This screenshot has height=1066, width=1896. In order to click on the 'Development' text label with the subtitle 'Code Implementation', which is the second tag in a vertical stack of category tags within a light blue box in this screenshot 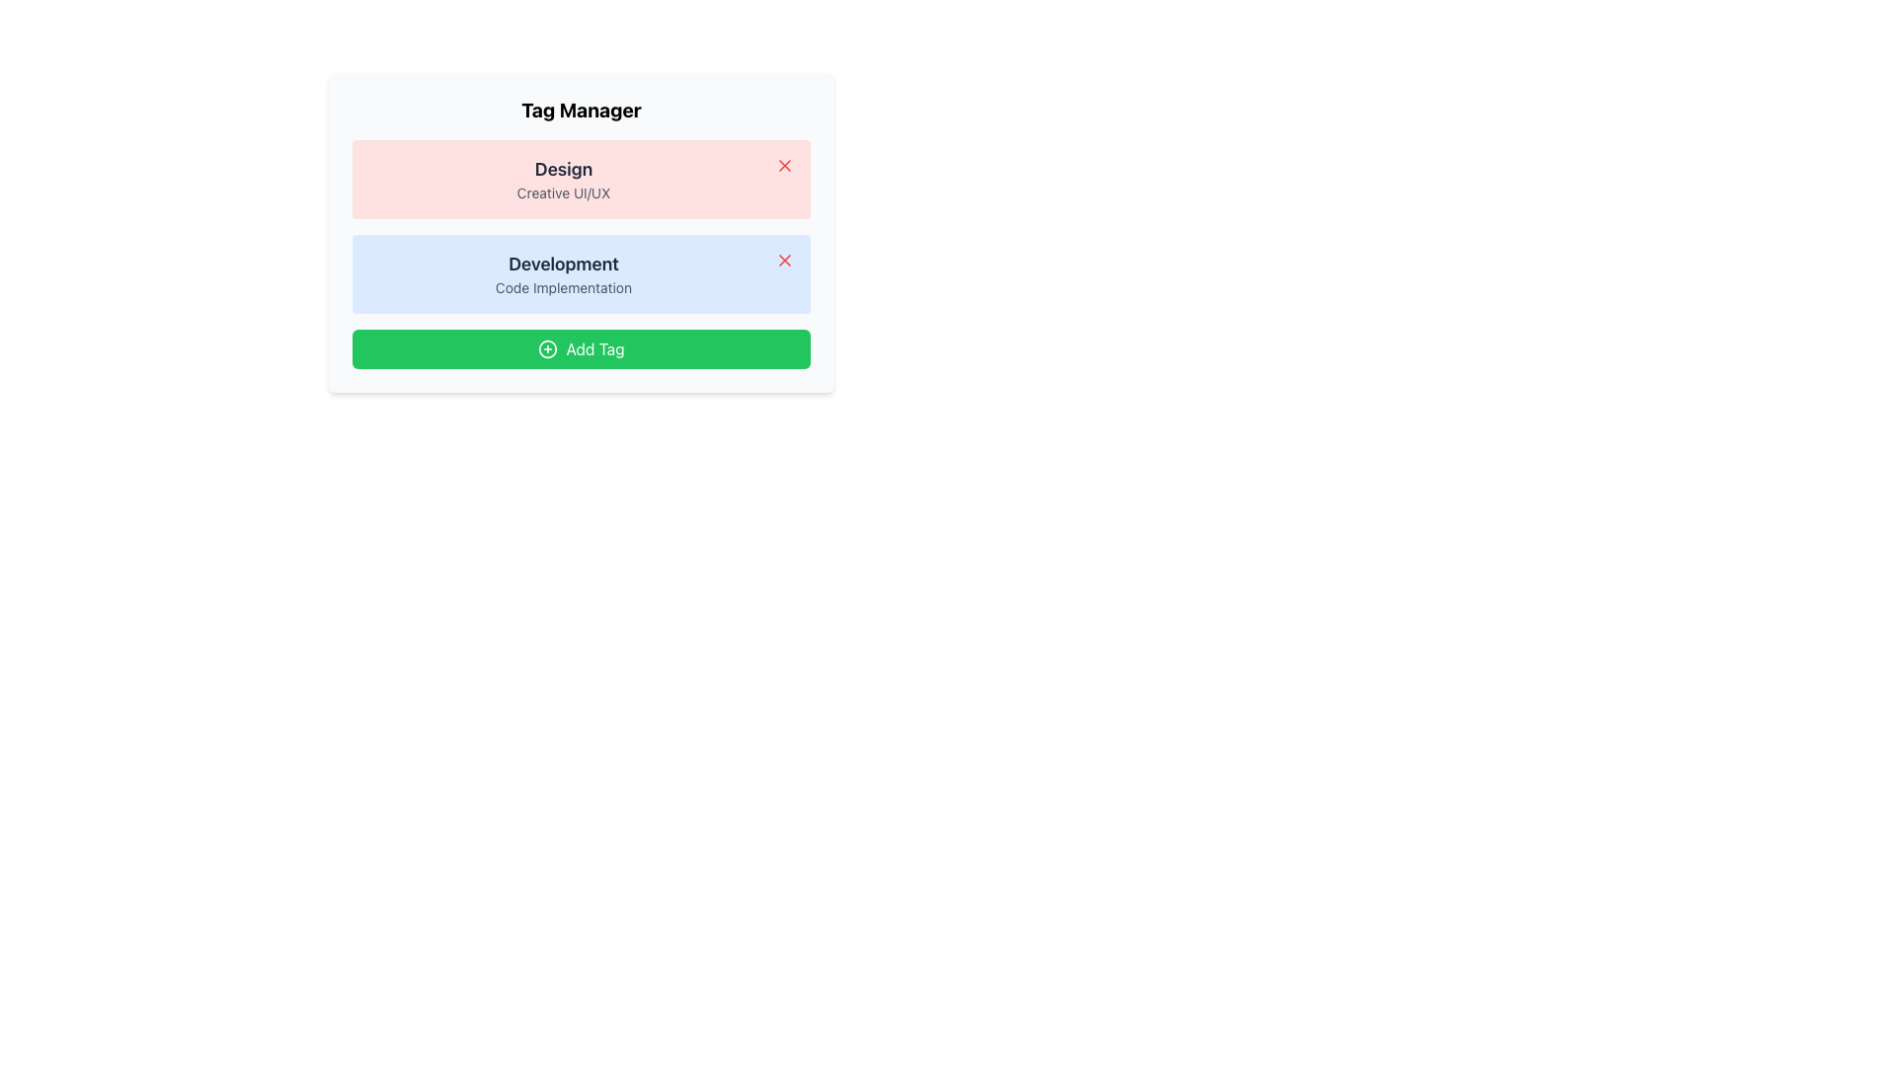, I will do `click(563, 273)`.